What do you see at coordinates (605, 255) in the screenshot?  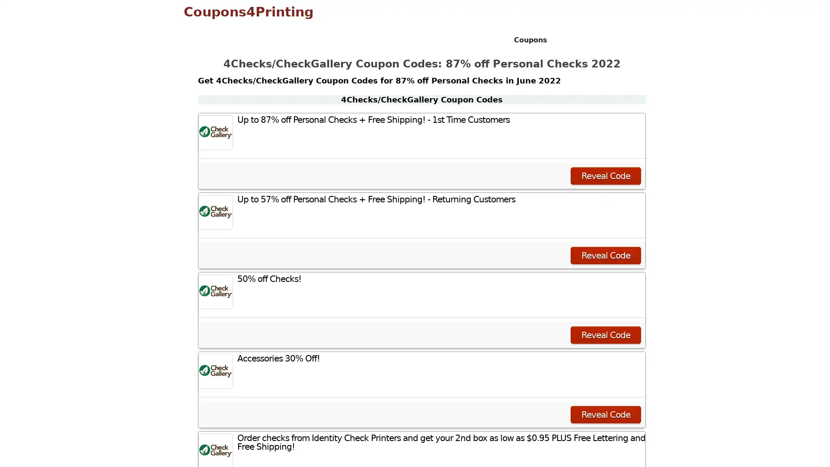 I see `Reveal Code` at bounding box center [605, 255].